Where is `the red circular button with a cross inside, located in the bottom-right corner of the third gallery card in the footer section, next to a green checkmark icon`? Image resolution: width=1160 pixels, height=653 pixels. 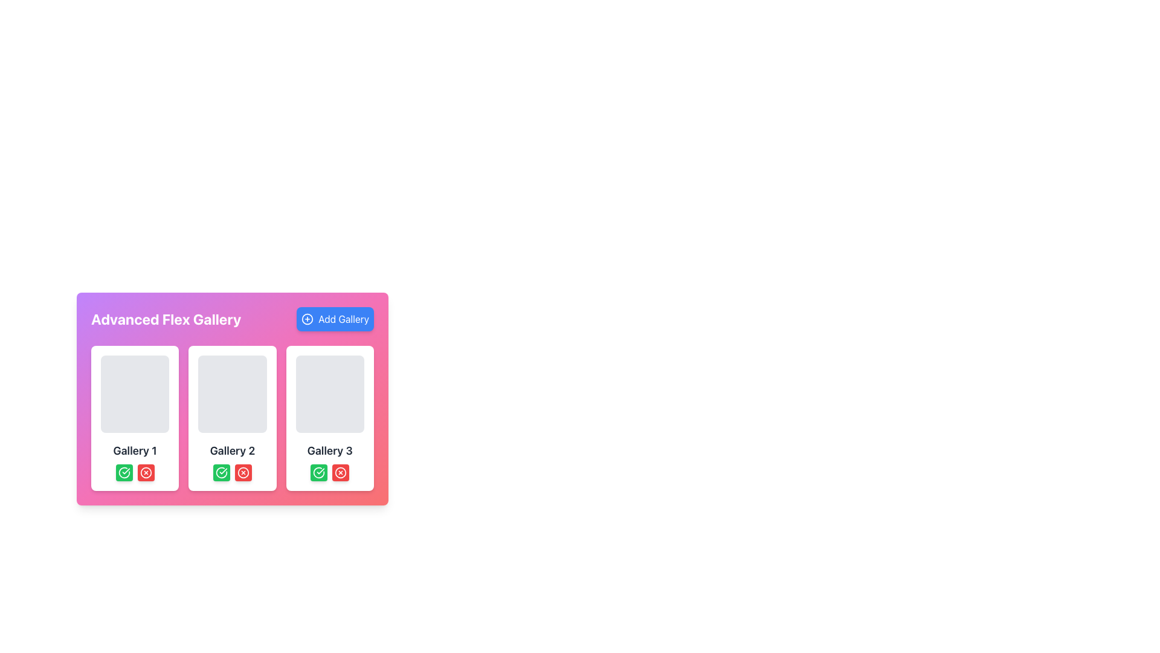
the red circular button with a cross inside, located in the bottom-right corner of the third gallery card in the footer section, next to a green checkmark icon is located at coordinates (340, 472).